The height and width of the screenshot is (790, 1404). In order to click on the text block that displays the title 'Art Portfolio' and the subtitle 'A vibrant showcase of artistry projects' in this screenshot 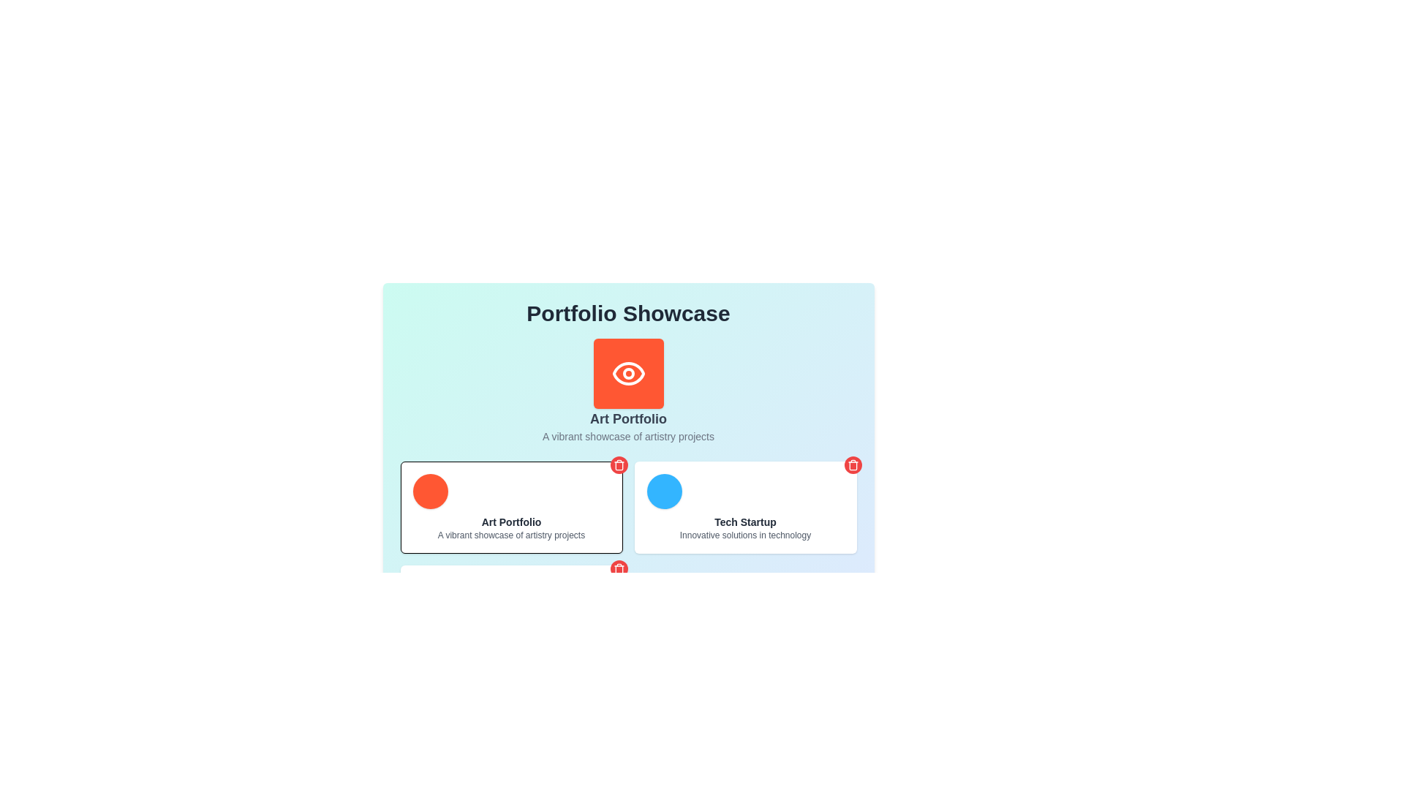, I will do `click(628, 426)`.